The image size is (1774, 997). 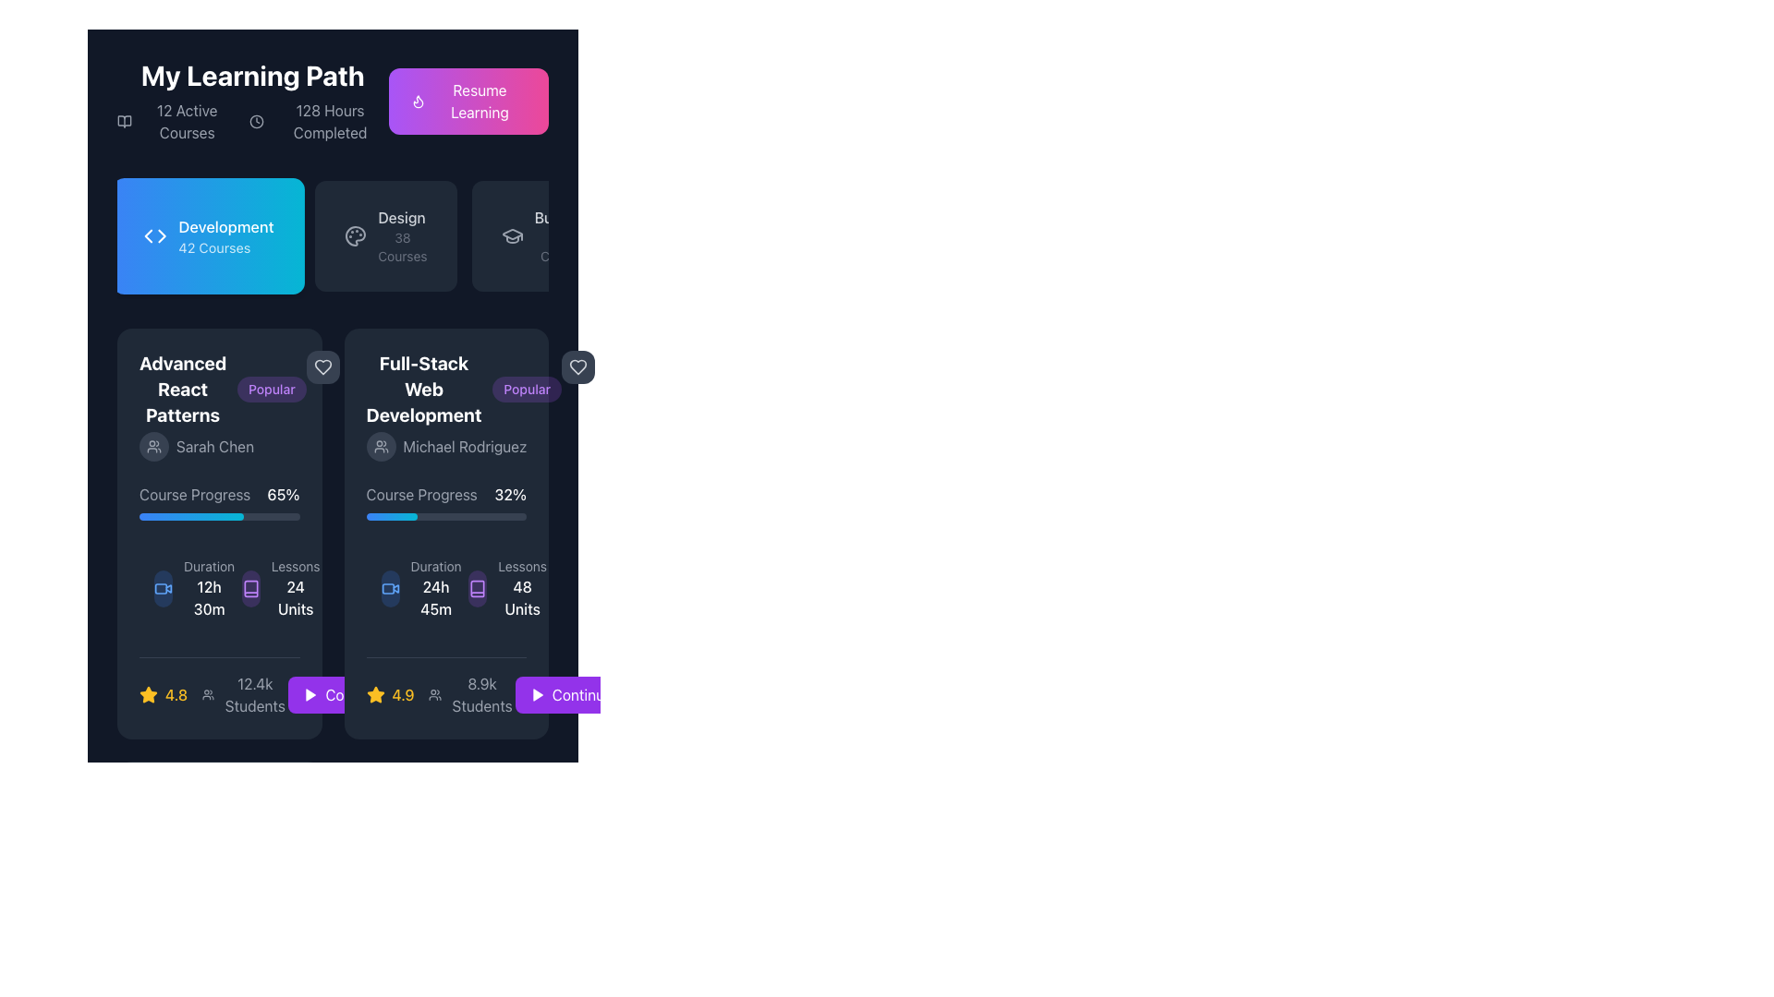 I want to click on information displayed on the static information panel, which shows a yellow star icon with a rating of '4.9' and '8.9k Students' text in gray, located beneath the 'Full-Stack Web Development' card, so click(x=440, y=694).